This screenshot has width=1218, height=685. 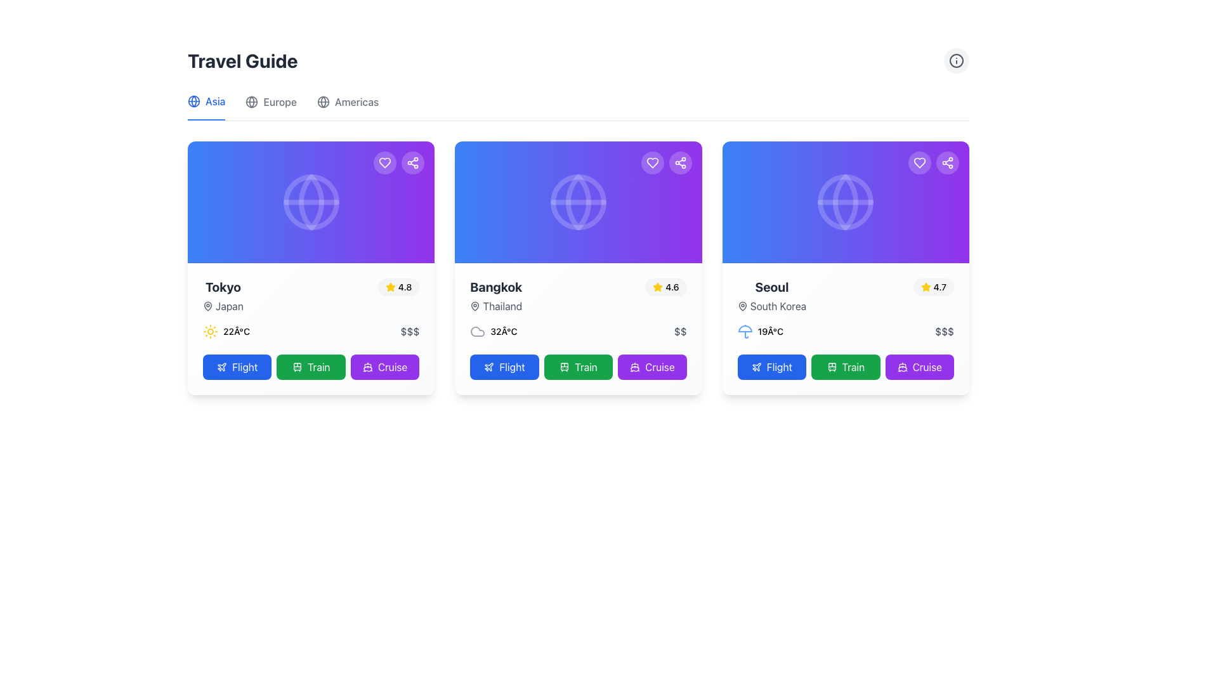 What do you see at coordinates (578, 367) in the screenshot?
I see `the green 'Train' button with rounded corners, labeled in white` at bounding box center [578, 367].